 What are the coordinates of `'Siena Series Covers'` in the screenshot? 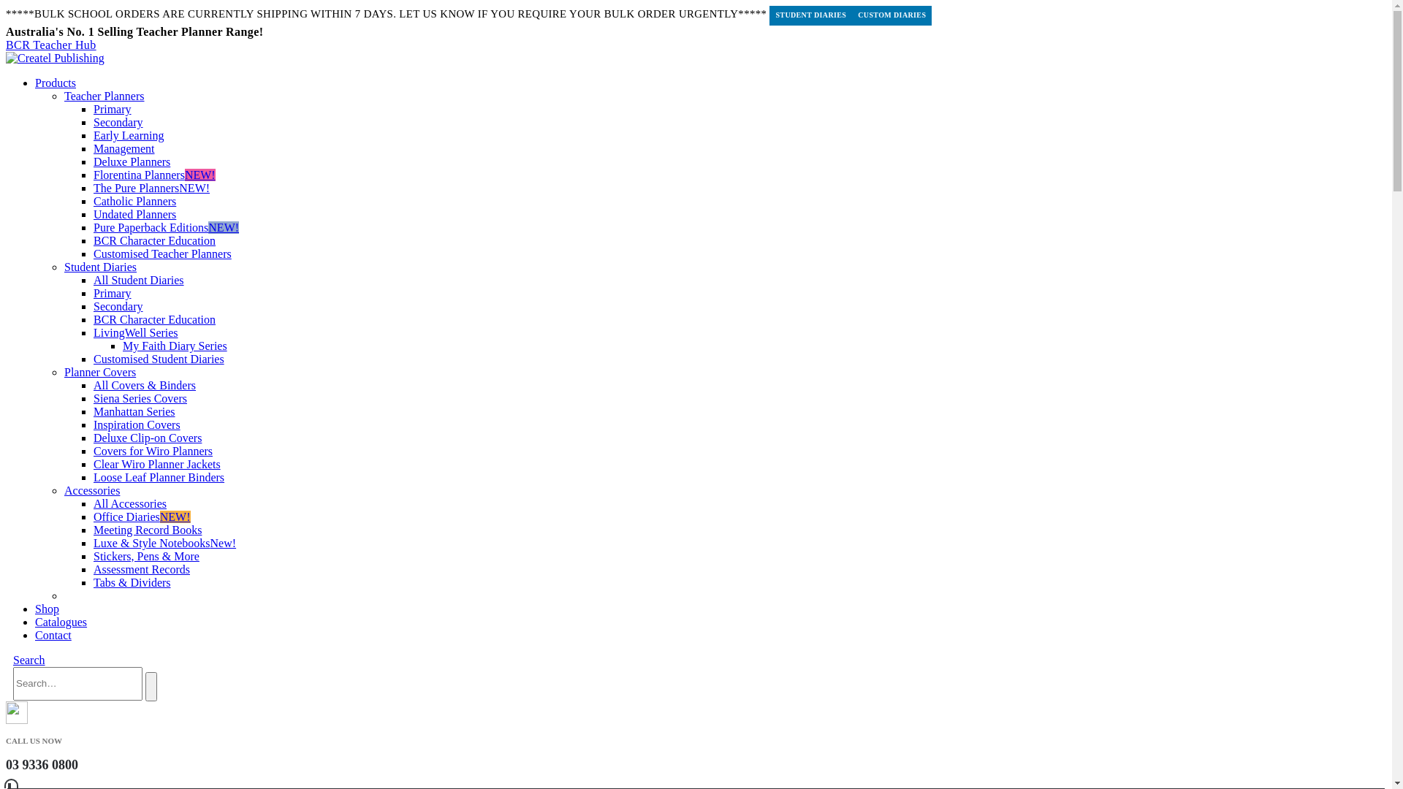 It's located at (140, 398).